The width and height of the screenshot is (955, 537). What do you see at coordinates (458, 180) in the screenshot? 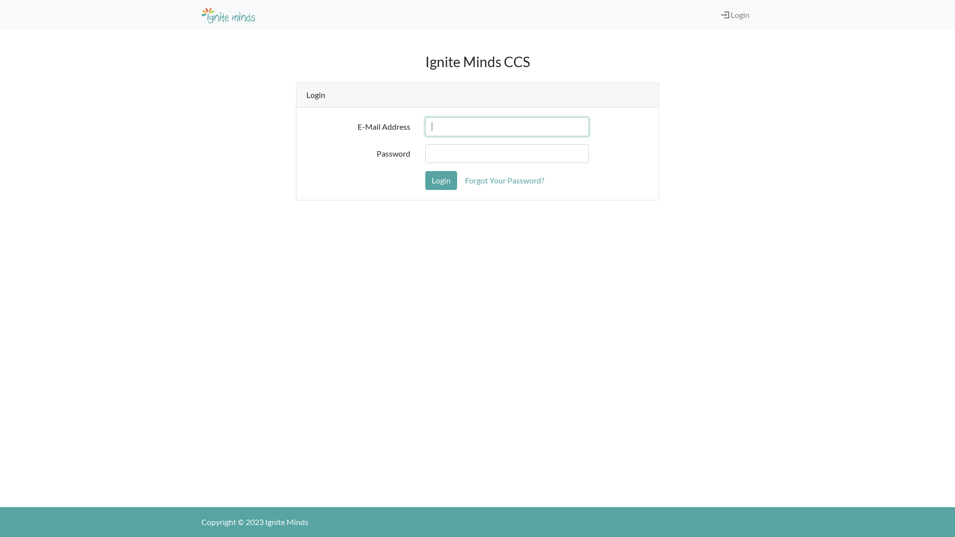
I see `'Forgot Your Password?'` at bounding box center [458, 180].